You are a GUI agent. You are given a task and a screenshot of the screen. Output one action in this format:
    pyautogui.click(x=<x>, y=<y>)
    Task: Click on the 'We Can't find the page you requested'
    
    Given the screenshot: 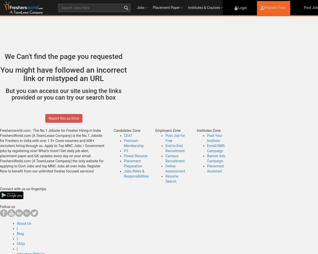 What is the action you would take?
    pyautogui.click(x=5, y=56)
    